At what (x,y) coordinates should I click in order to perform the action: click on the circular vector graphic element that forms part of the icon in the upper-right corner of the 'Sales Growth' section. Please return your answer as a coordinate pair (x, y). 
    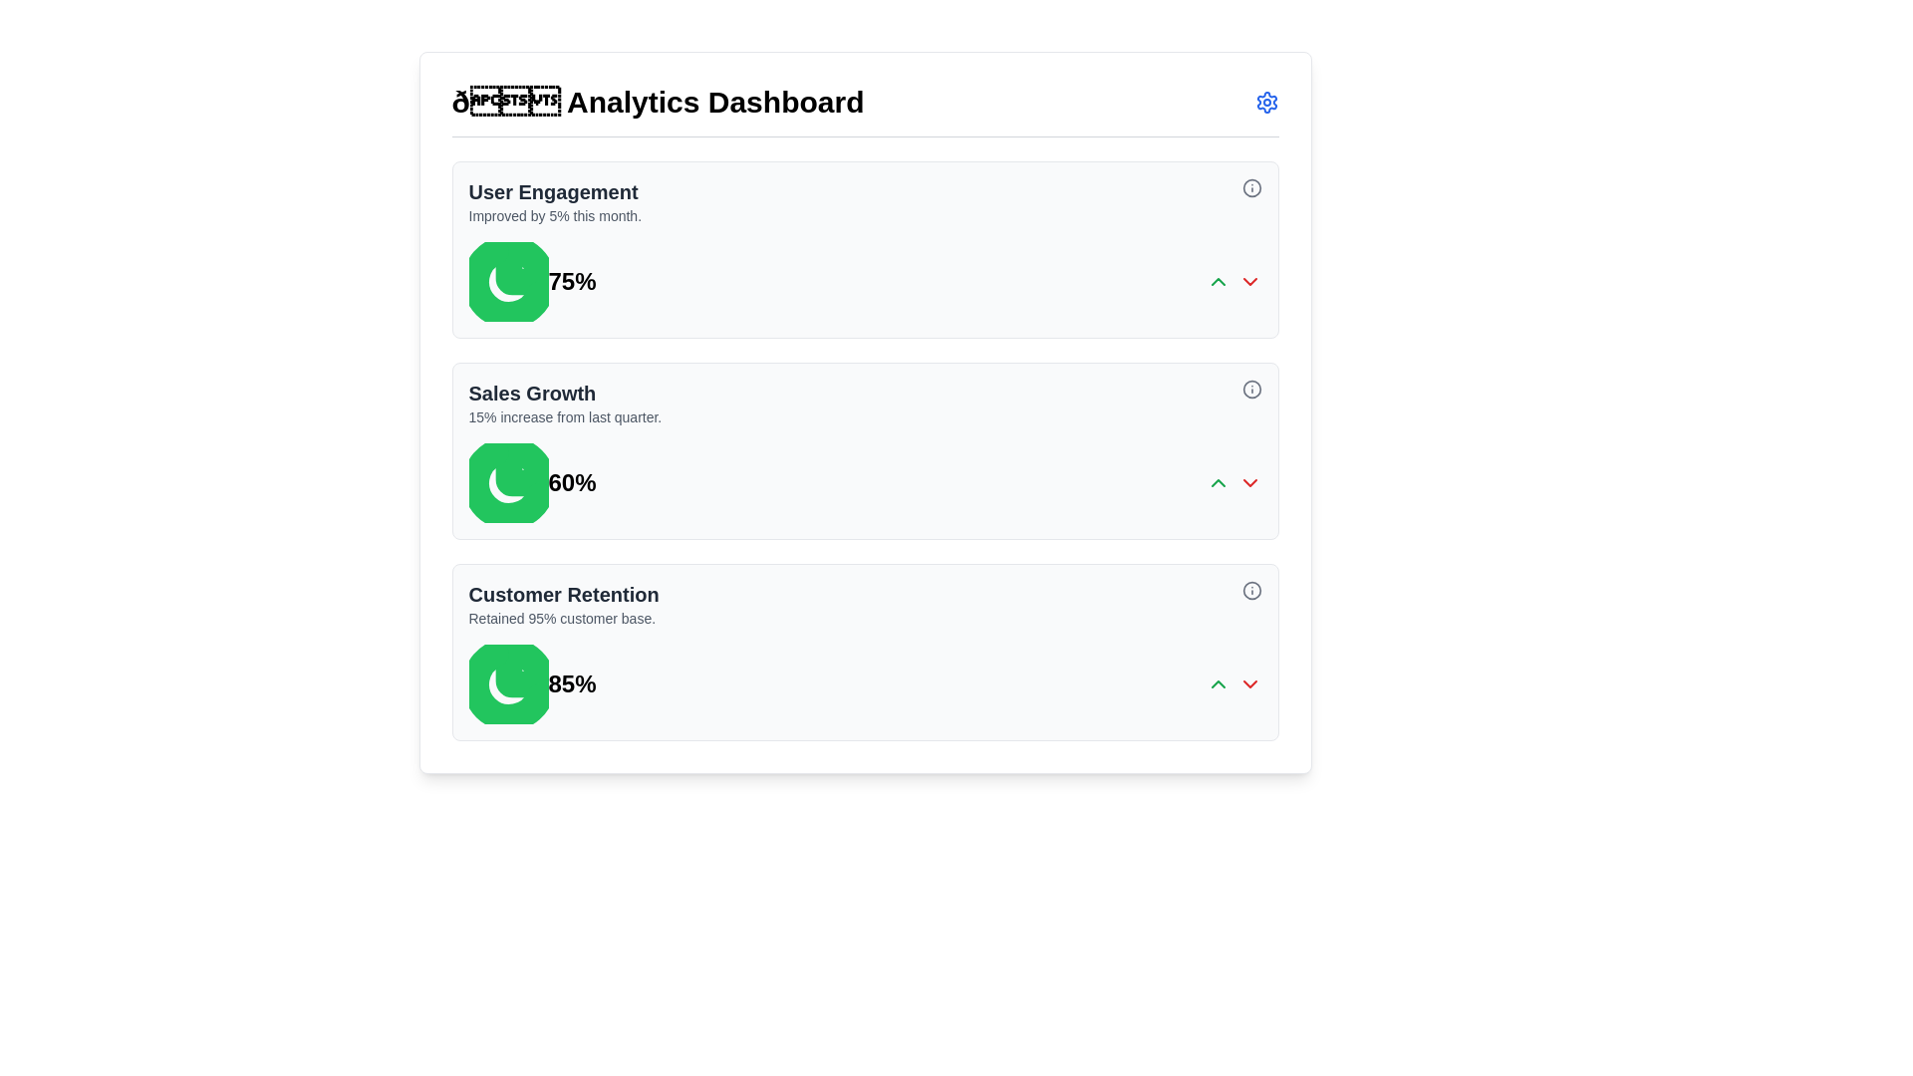
    Looking at the image, I should click on (1250, 389).